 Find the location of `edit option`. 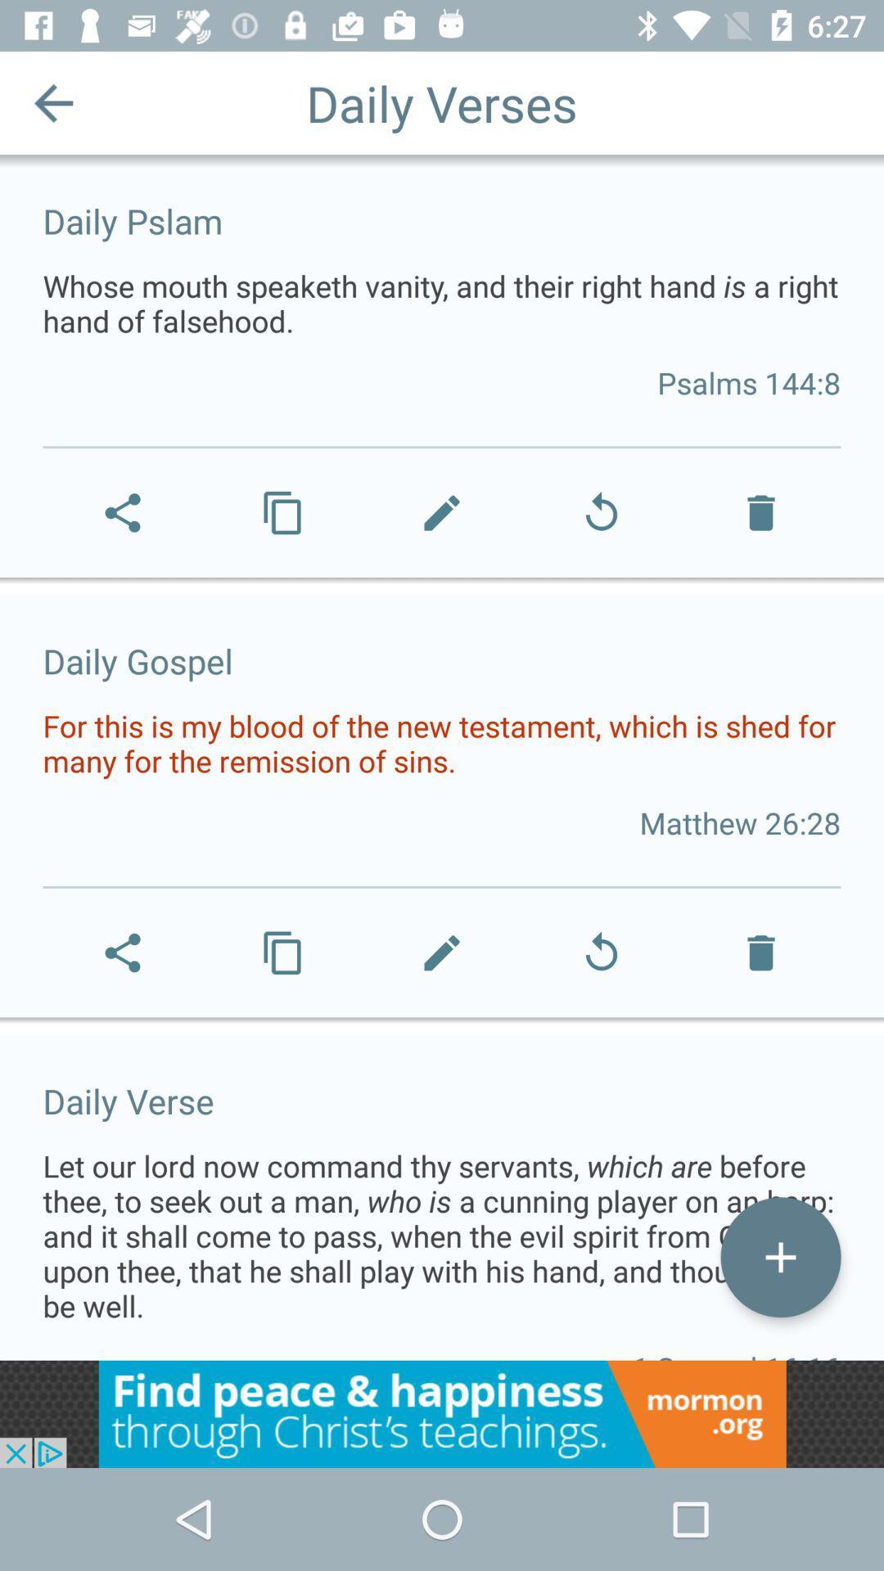

edit option is located at coordinates (779, 1256).